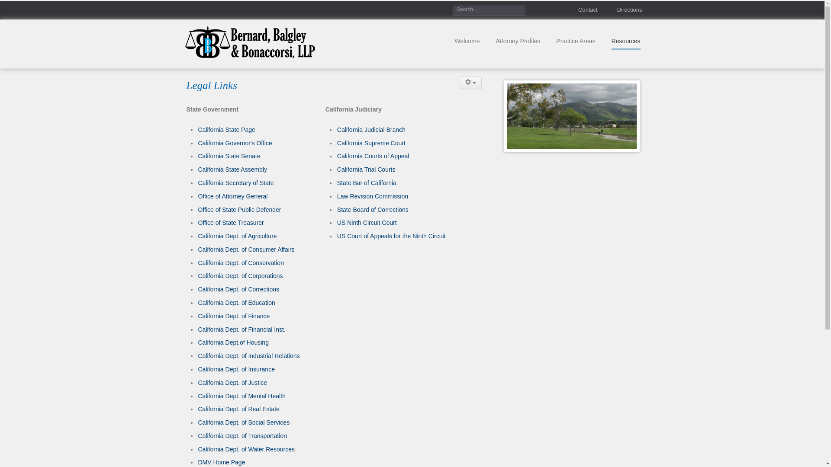  I want to click on 'California Courts of Appeal', so click(336, 156).